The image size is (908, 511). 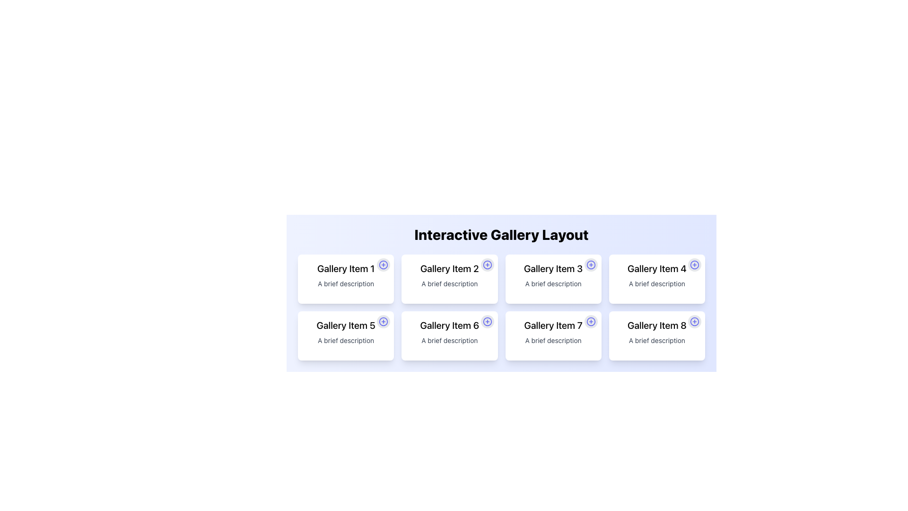 I want to click on the circular part of the circle-plus icon located in the bottom-right corner of the 'Gallery Item 8' card, so click(x=694, y=321).